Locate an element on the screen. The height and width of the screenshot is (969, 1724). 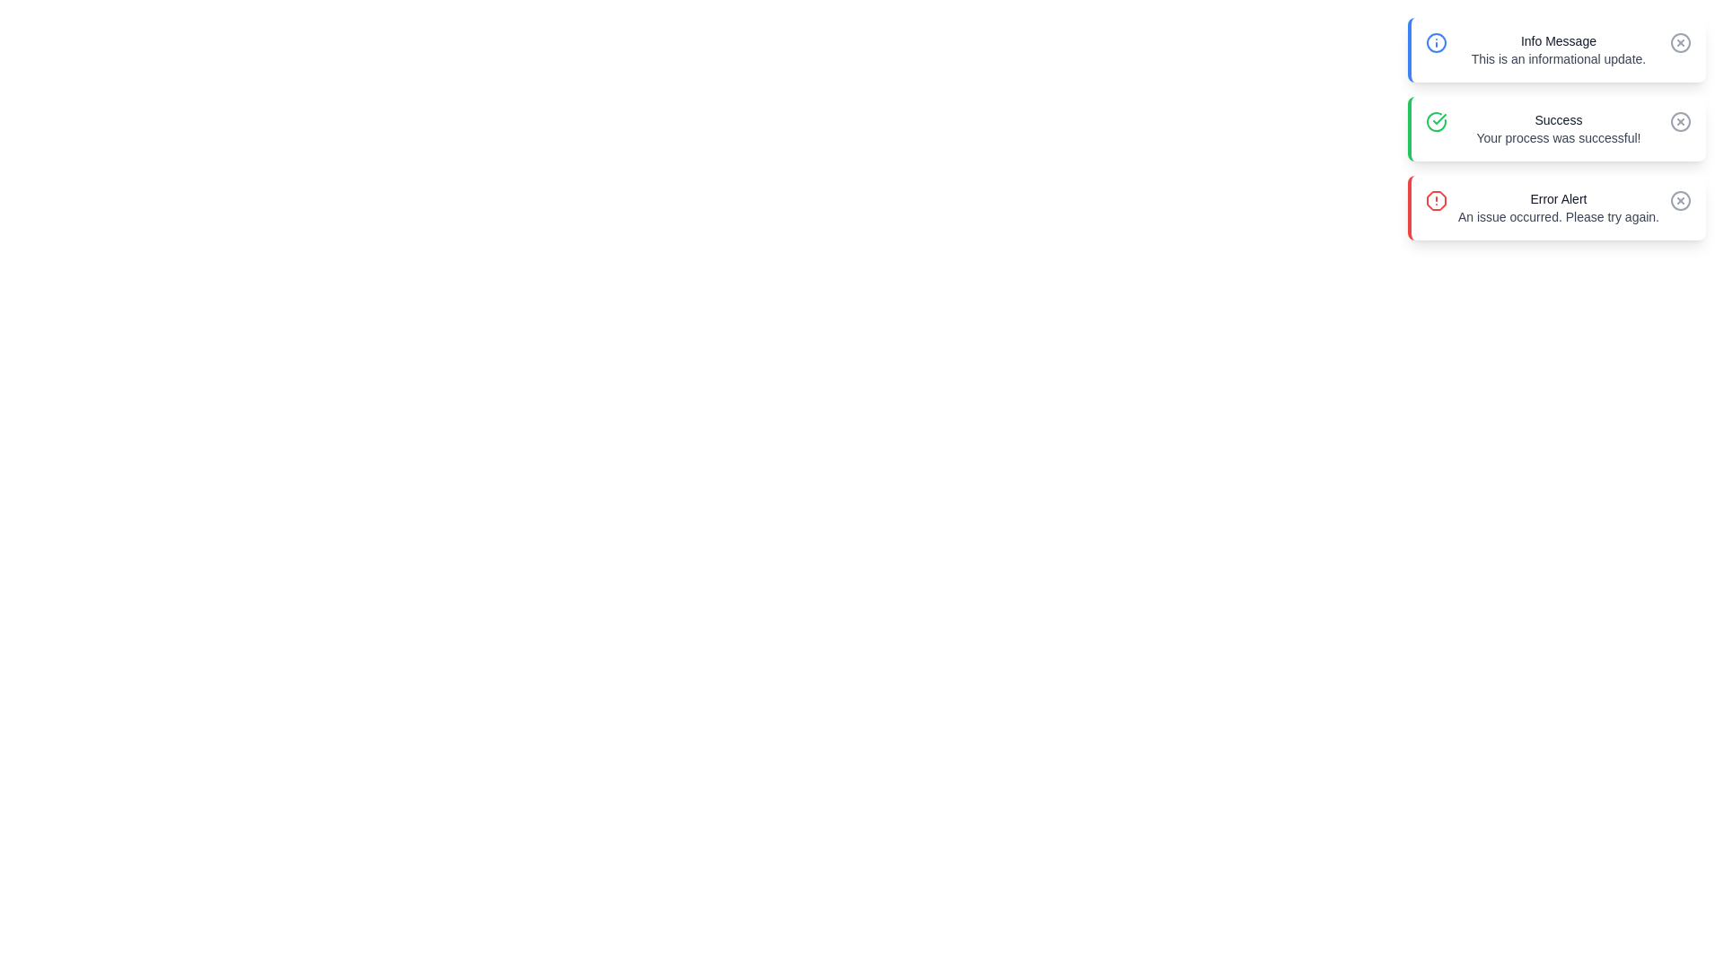
the circular 'X' icon with a hollow border in the 'Error Alert' notification to change its color to a darker gray shade is located at coordinates (1680, 200).